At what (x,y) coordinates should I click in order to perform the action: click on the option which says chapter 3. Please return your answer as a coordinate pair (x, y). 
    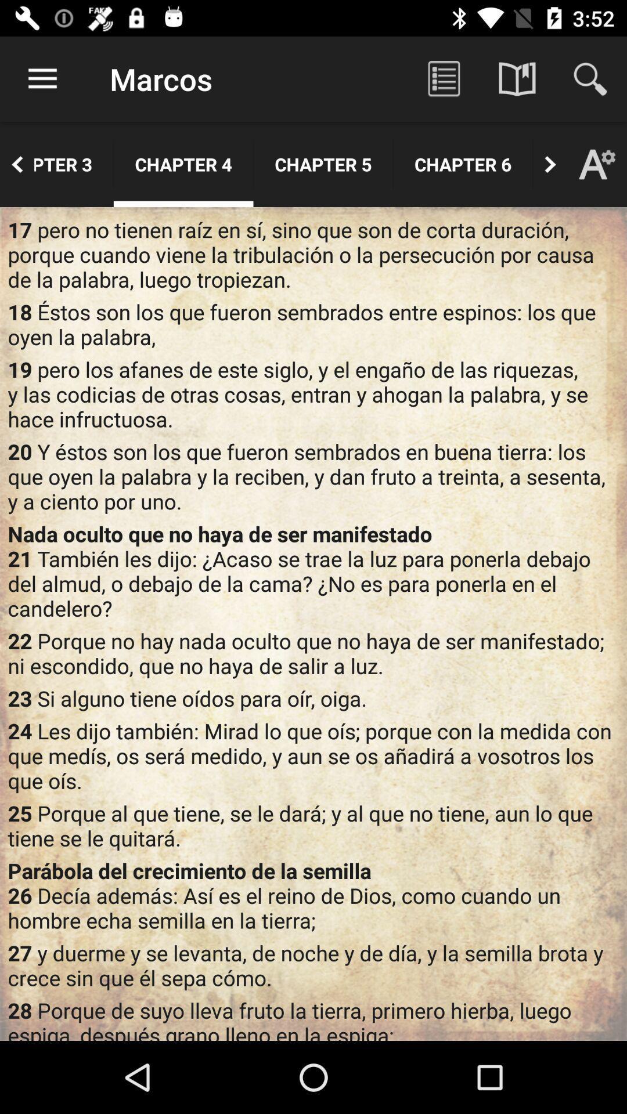
    Looking at the image, I should click on (74, 164).